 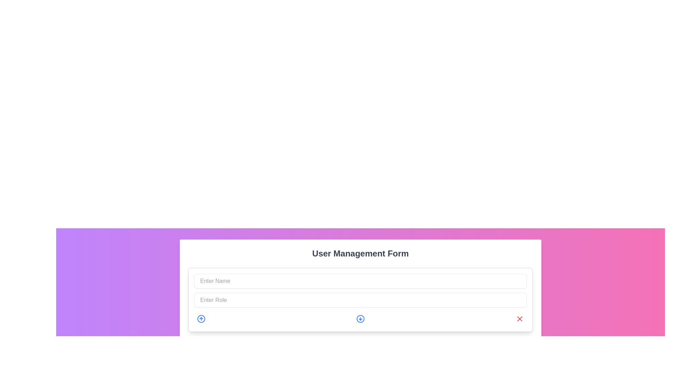 What do you see at coordinates (361, 319) in the screenshot?
I see `the button` at bounding box center [361, 319].